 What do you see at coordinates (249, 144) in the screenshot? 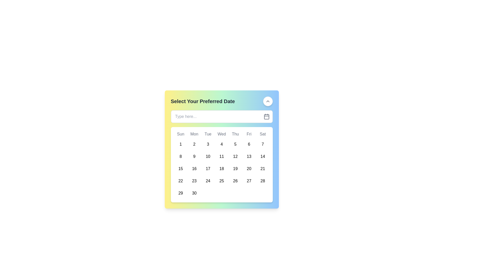
I see `the button in the calendar interface that represents the selectable date located in the first row under the 'Fri' column, sixth position overall` at bounding box center [249, 144].